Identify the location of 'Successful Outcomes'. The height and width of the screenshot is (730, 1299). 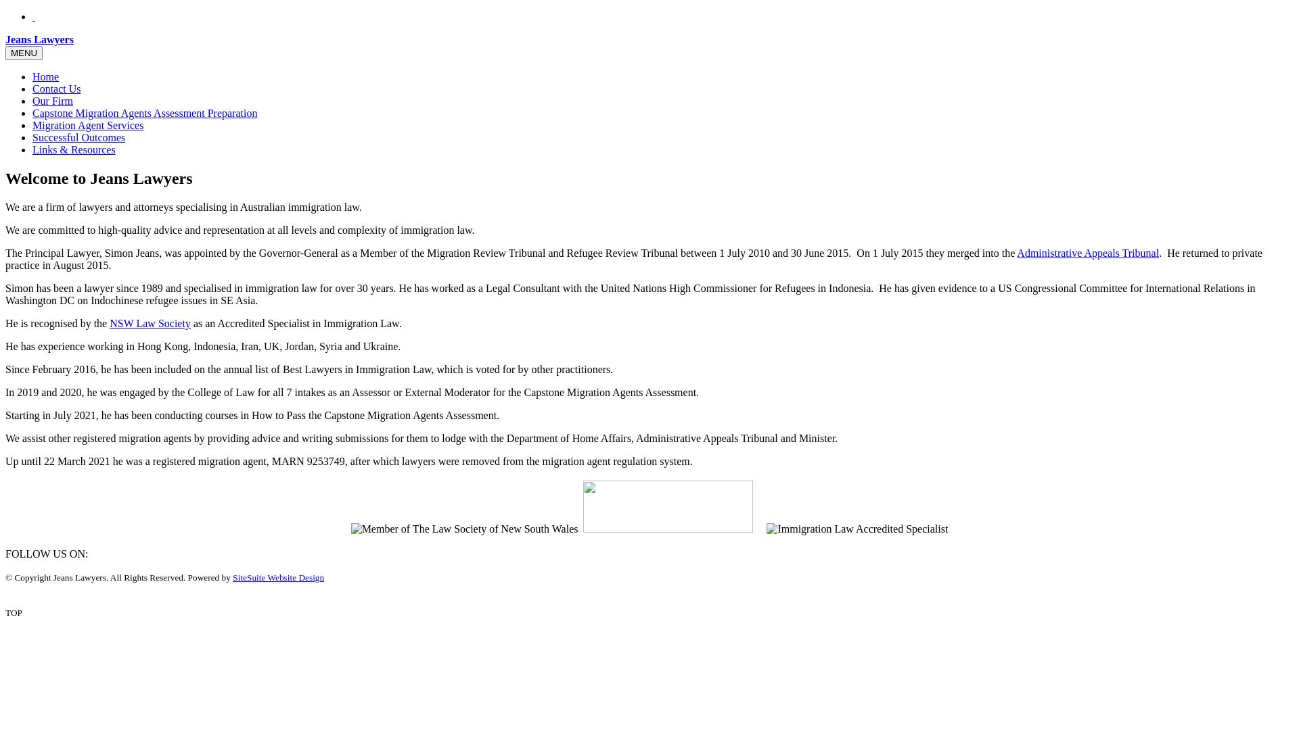
(78, 137).